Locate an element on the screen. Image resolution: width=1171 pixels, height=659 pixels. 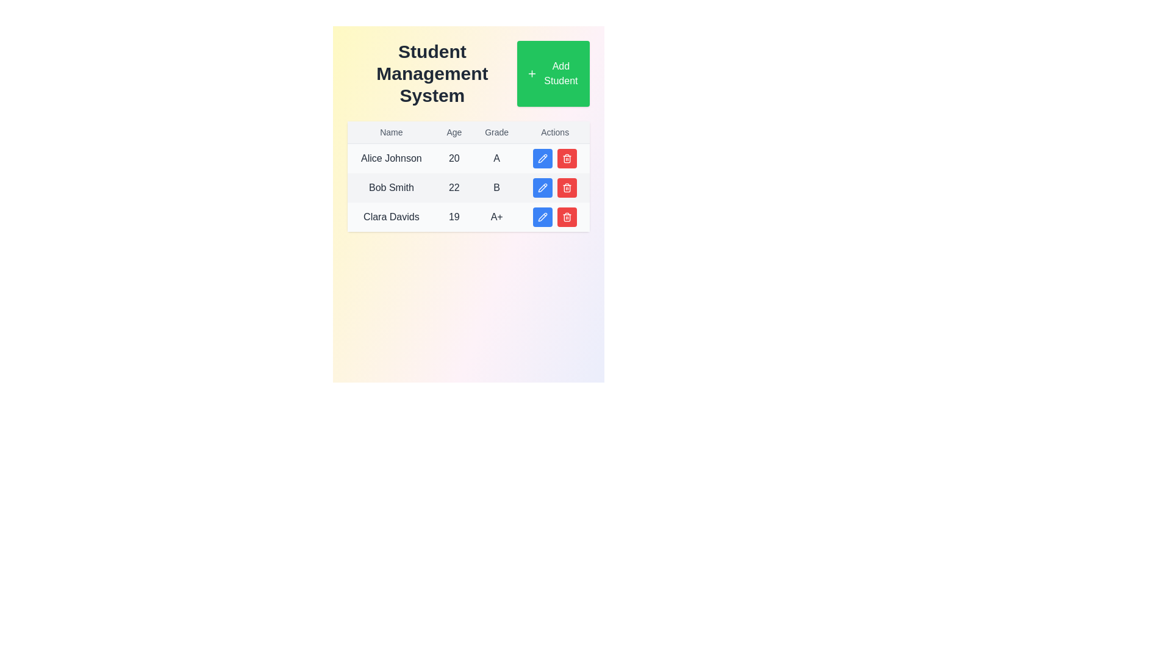
the button group for managing Clara Davids' record, located in the last row under the 'Actions' column is located at coordinates (554, 216).